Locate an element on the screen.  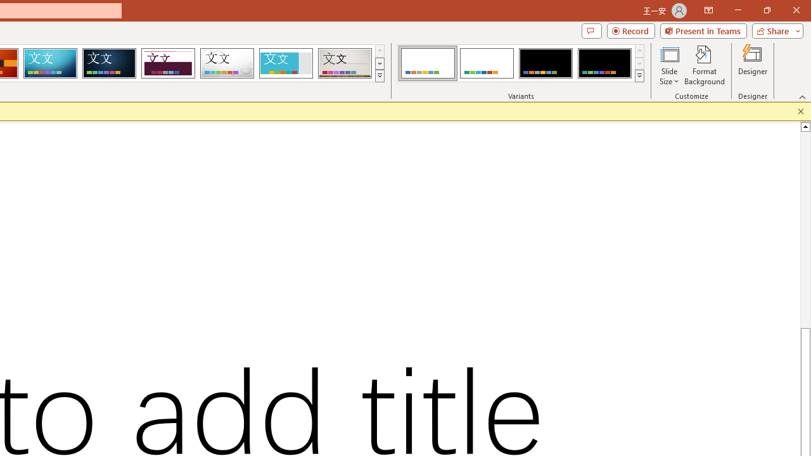
'Frame' is located at coordinates (285, 63).